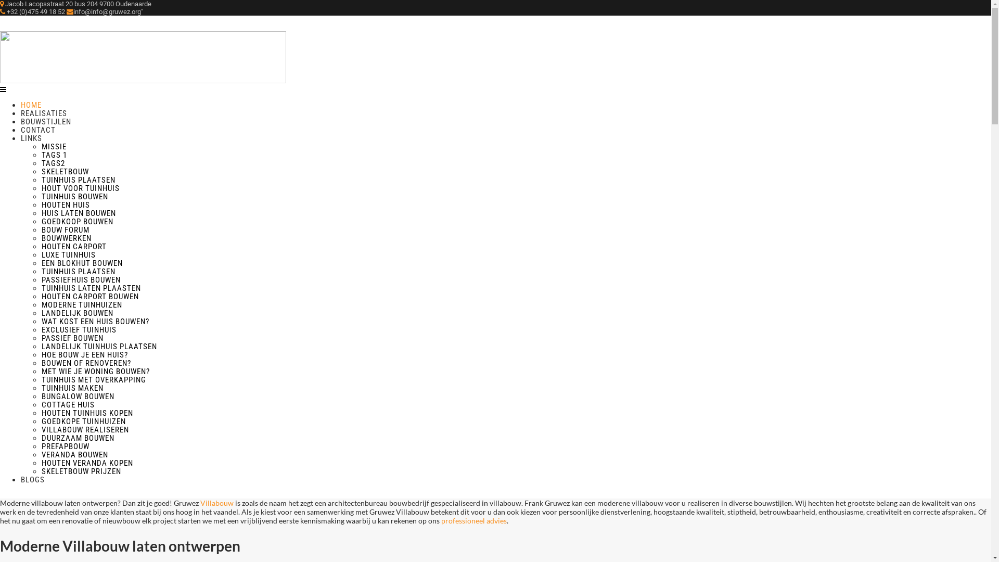  What do you see at coordinates (76, 312) in the screenshot?
I see `'LANDELIJK BOUWEN'` at bounding box center [76, 312].